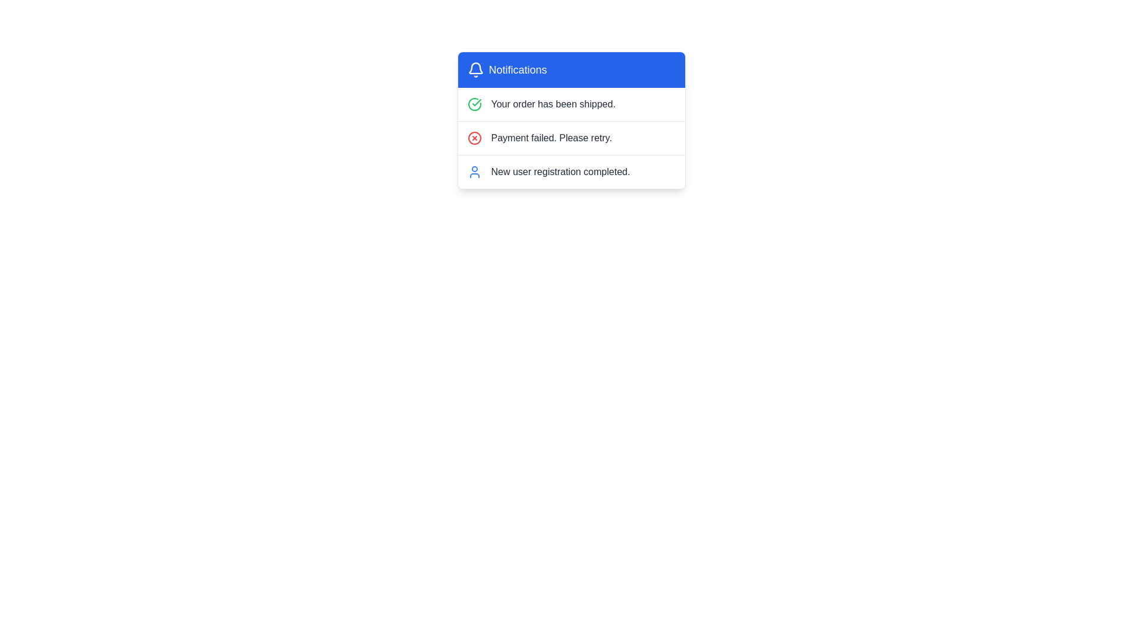  Describe the element at coordinates (571, 104) in the screenshot. I see `the notification item with a green circle check mark and text 'Your order has been shipped.' for further details` at that location.